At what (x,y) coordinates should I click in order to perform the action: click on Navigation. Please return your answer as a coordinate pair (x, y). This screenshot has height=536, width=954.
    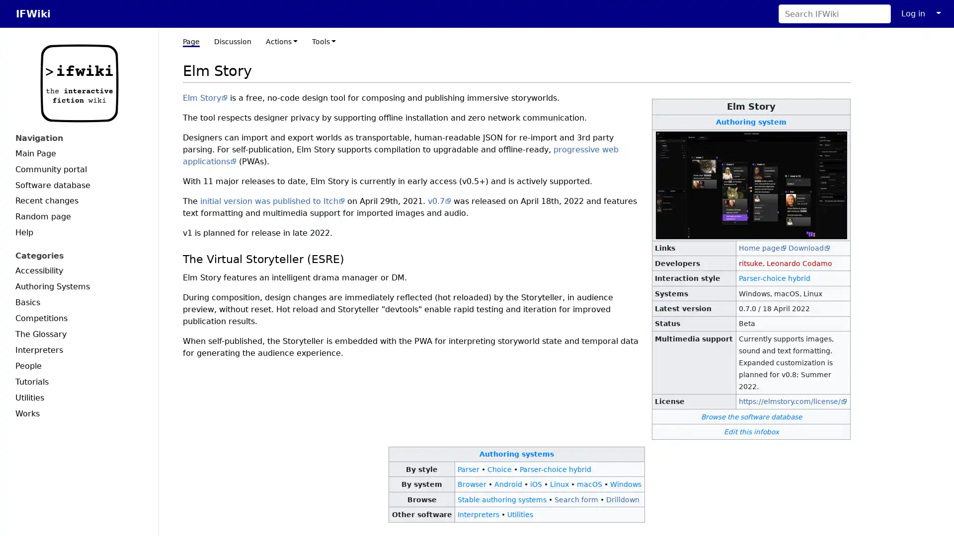
    Looking at the image, I should click on (79, 138).